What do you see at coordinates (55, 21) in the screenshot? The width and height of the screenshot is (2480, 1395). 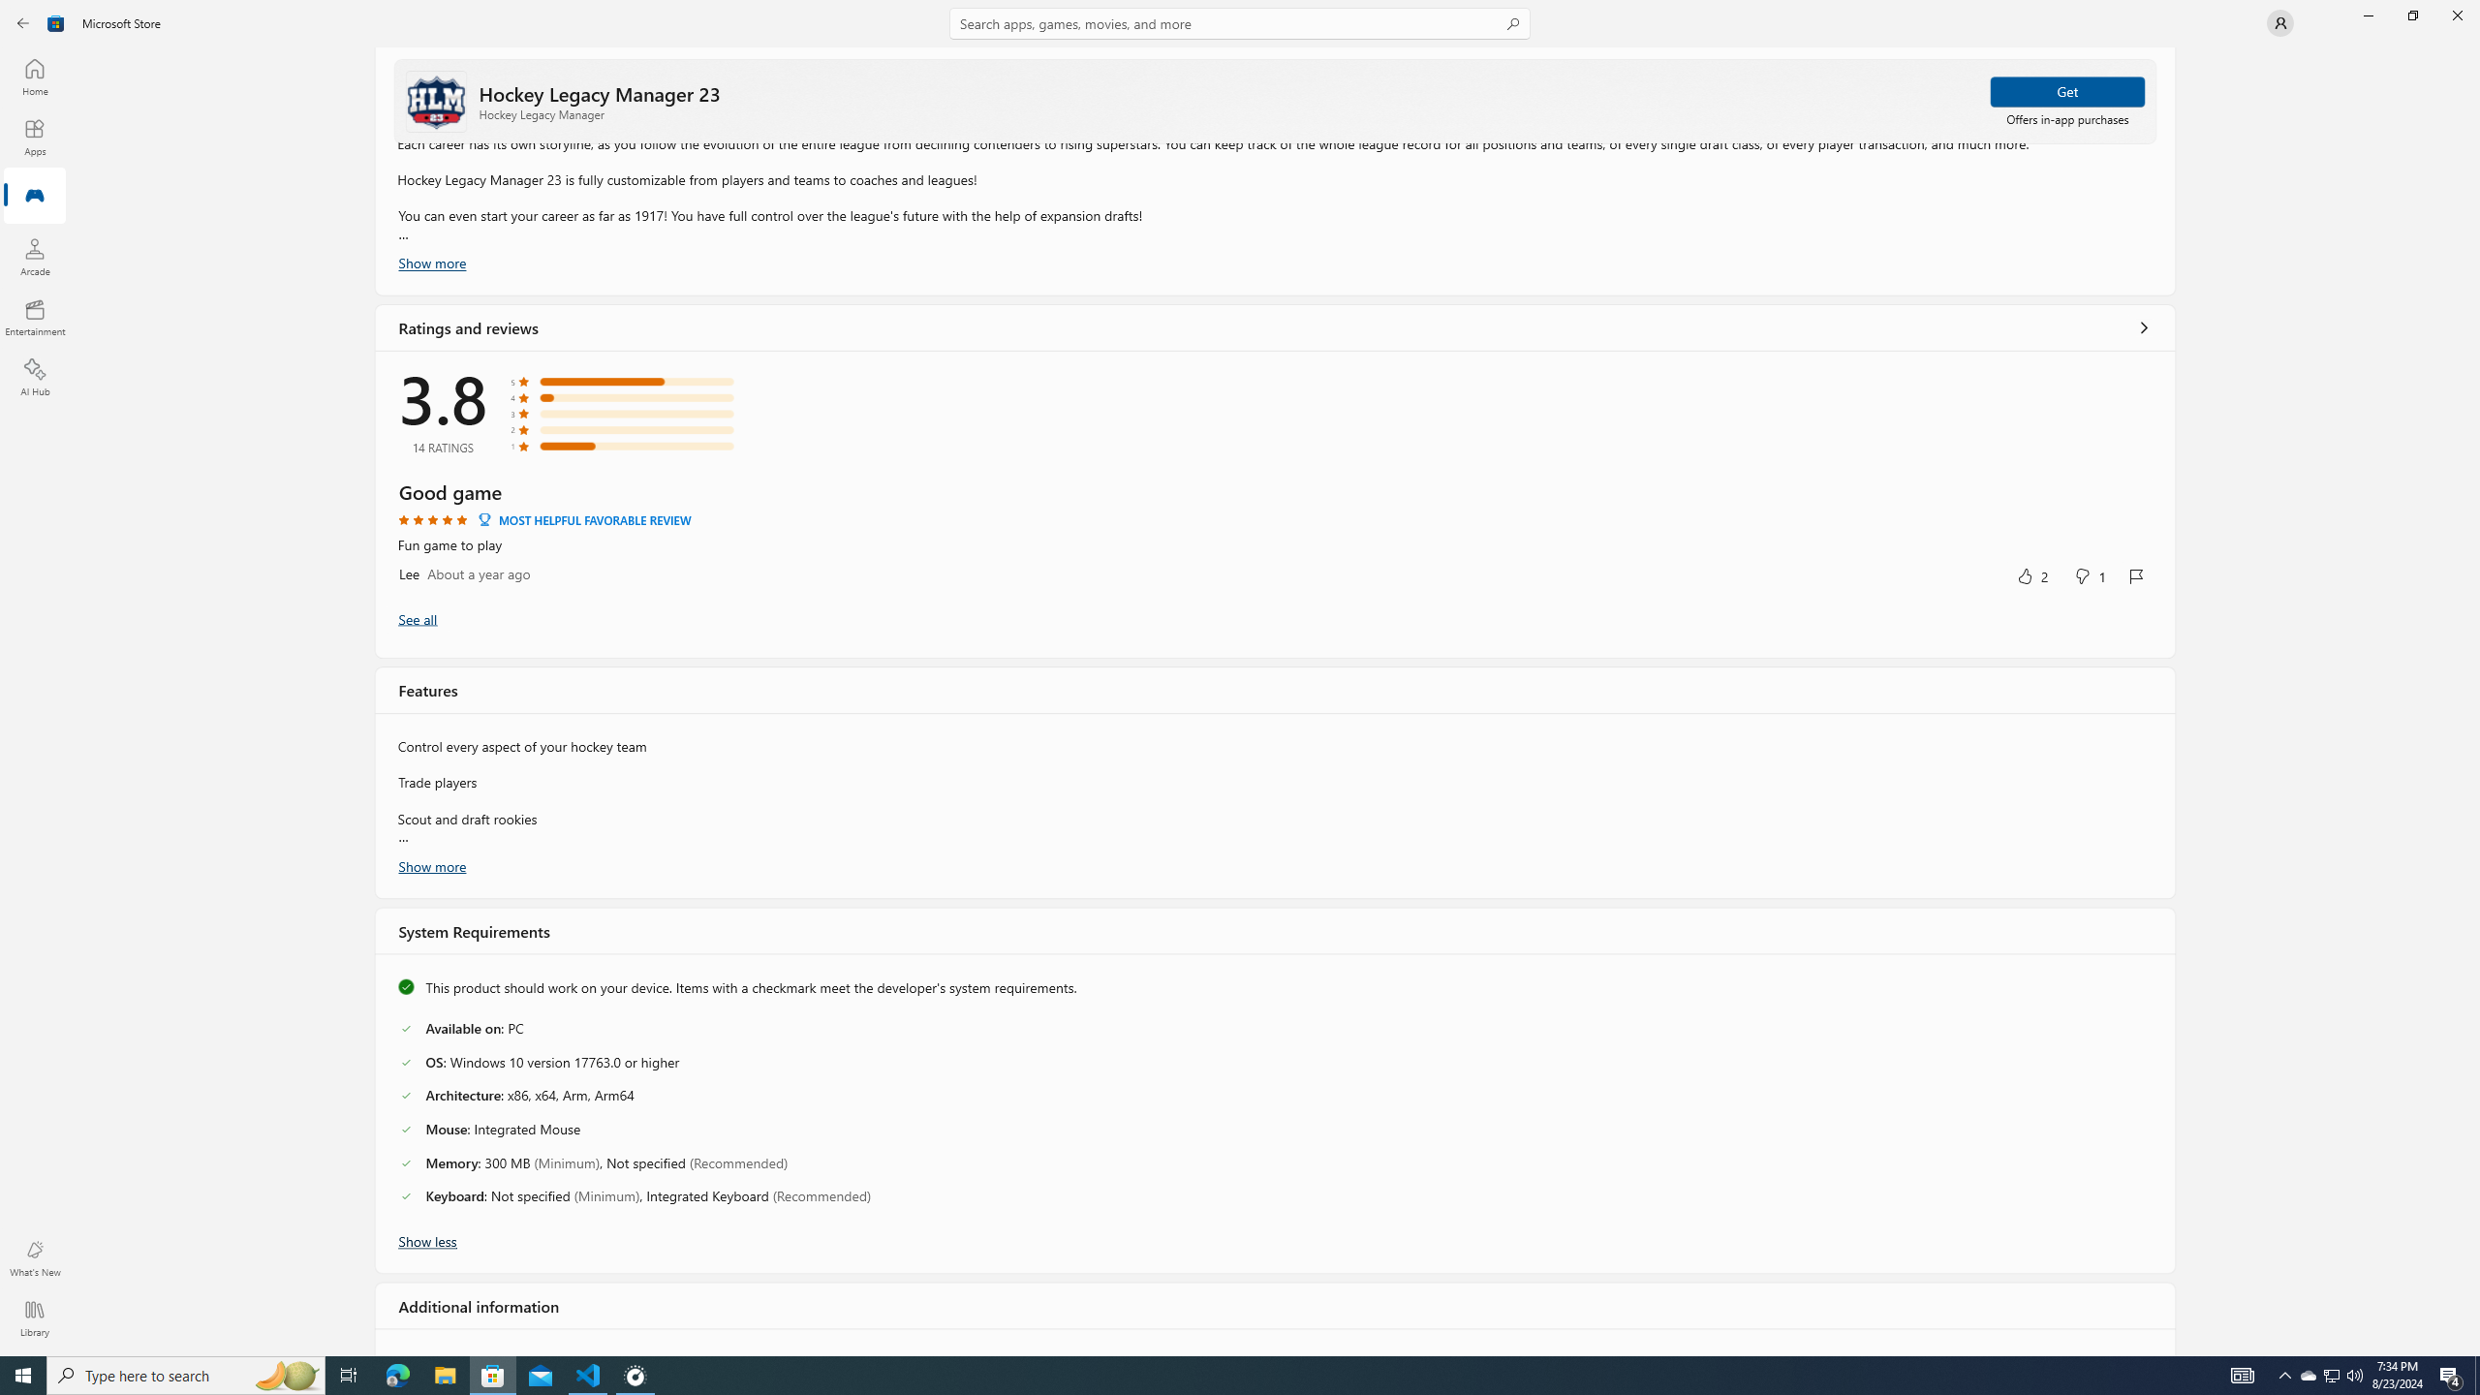 I see `'Class: Image'` at bounding box center [55, 21].